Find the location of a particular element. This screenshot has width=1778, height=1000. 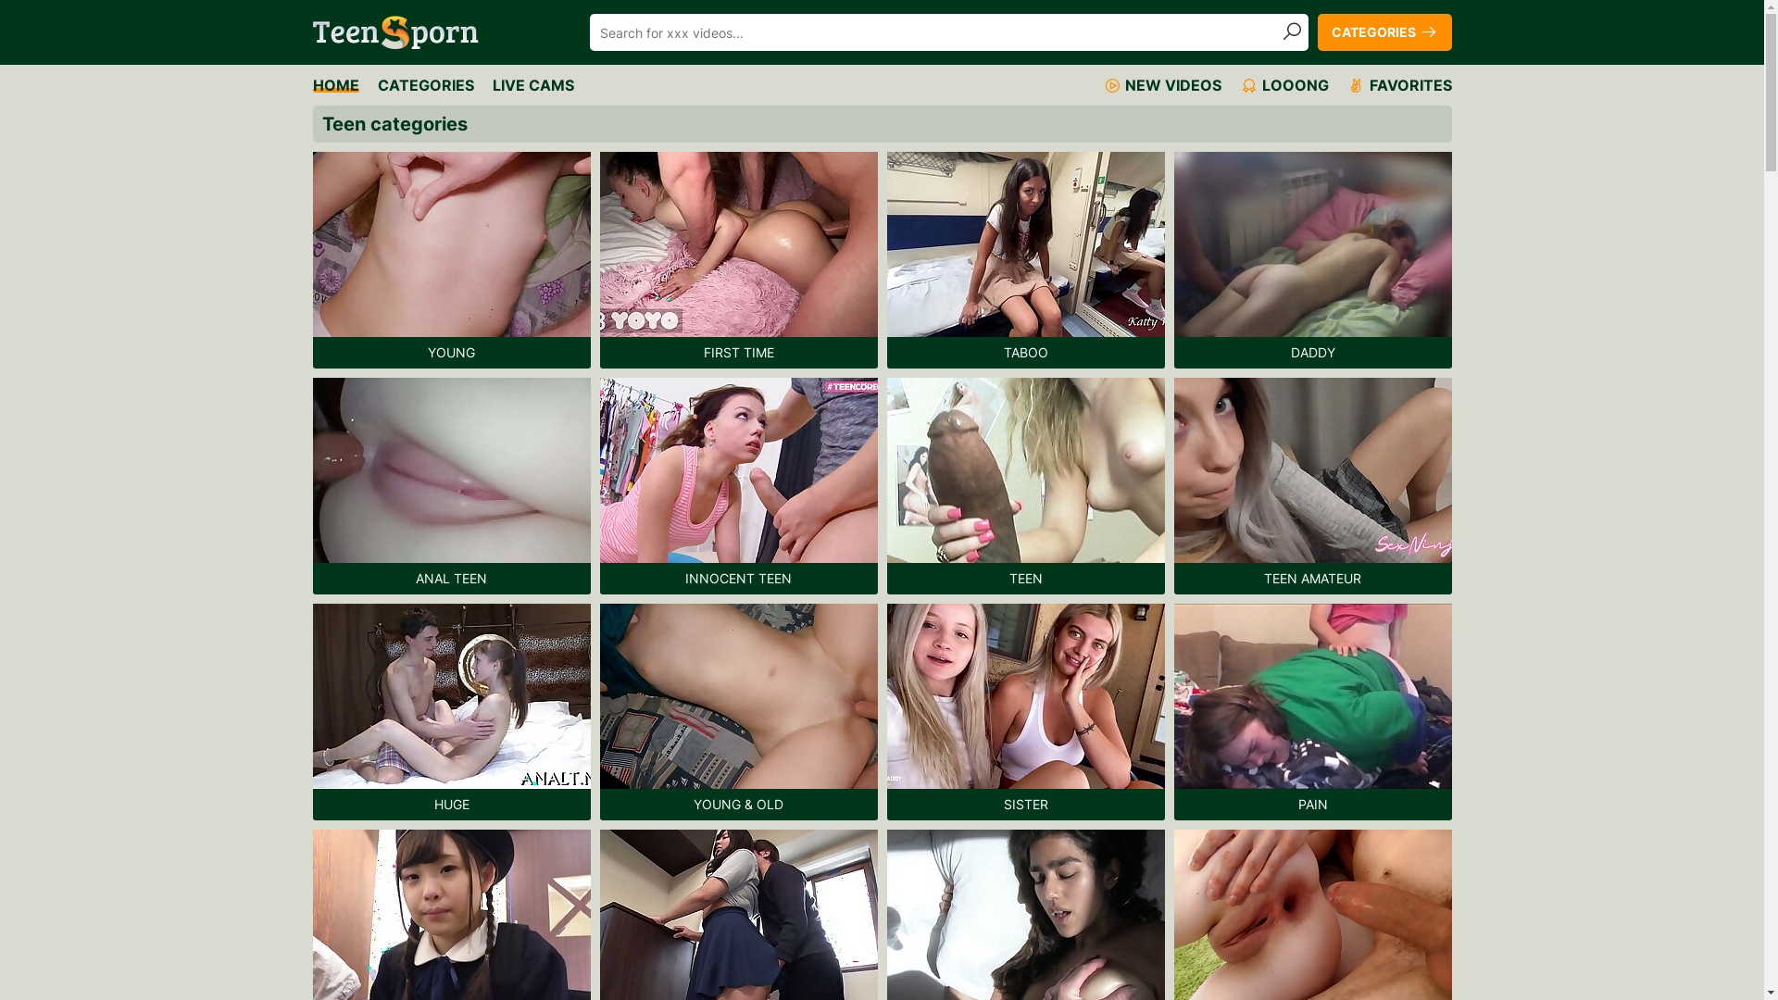

'TEEN' is located at coordinates (1025, 484).